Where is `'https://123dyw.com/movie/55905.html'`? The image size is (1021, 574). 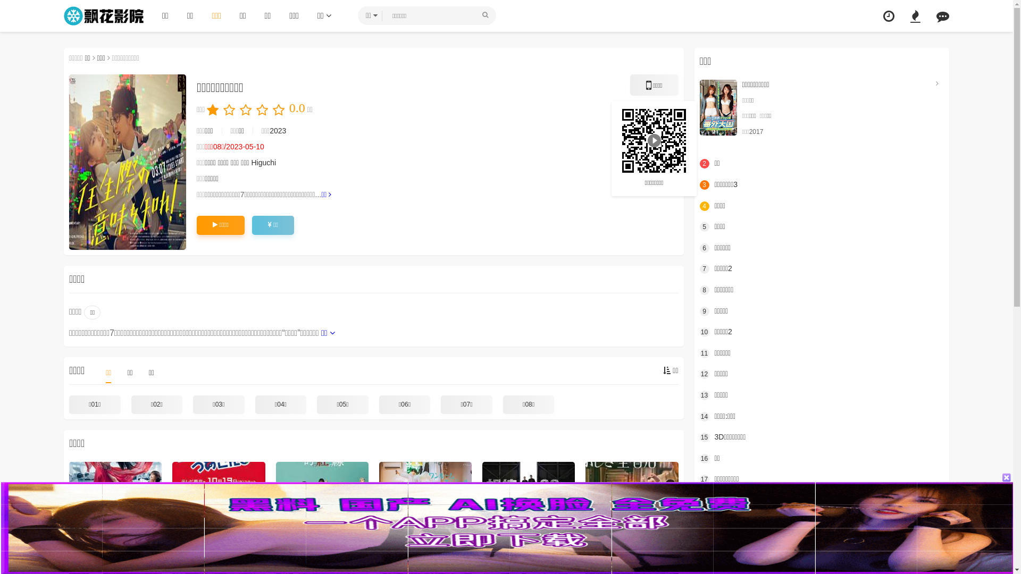 'https://123dyw.com/movie/55905.html' is located at coordinates (653, 139).